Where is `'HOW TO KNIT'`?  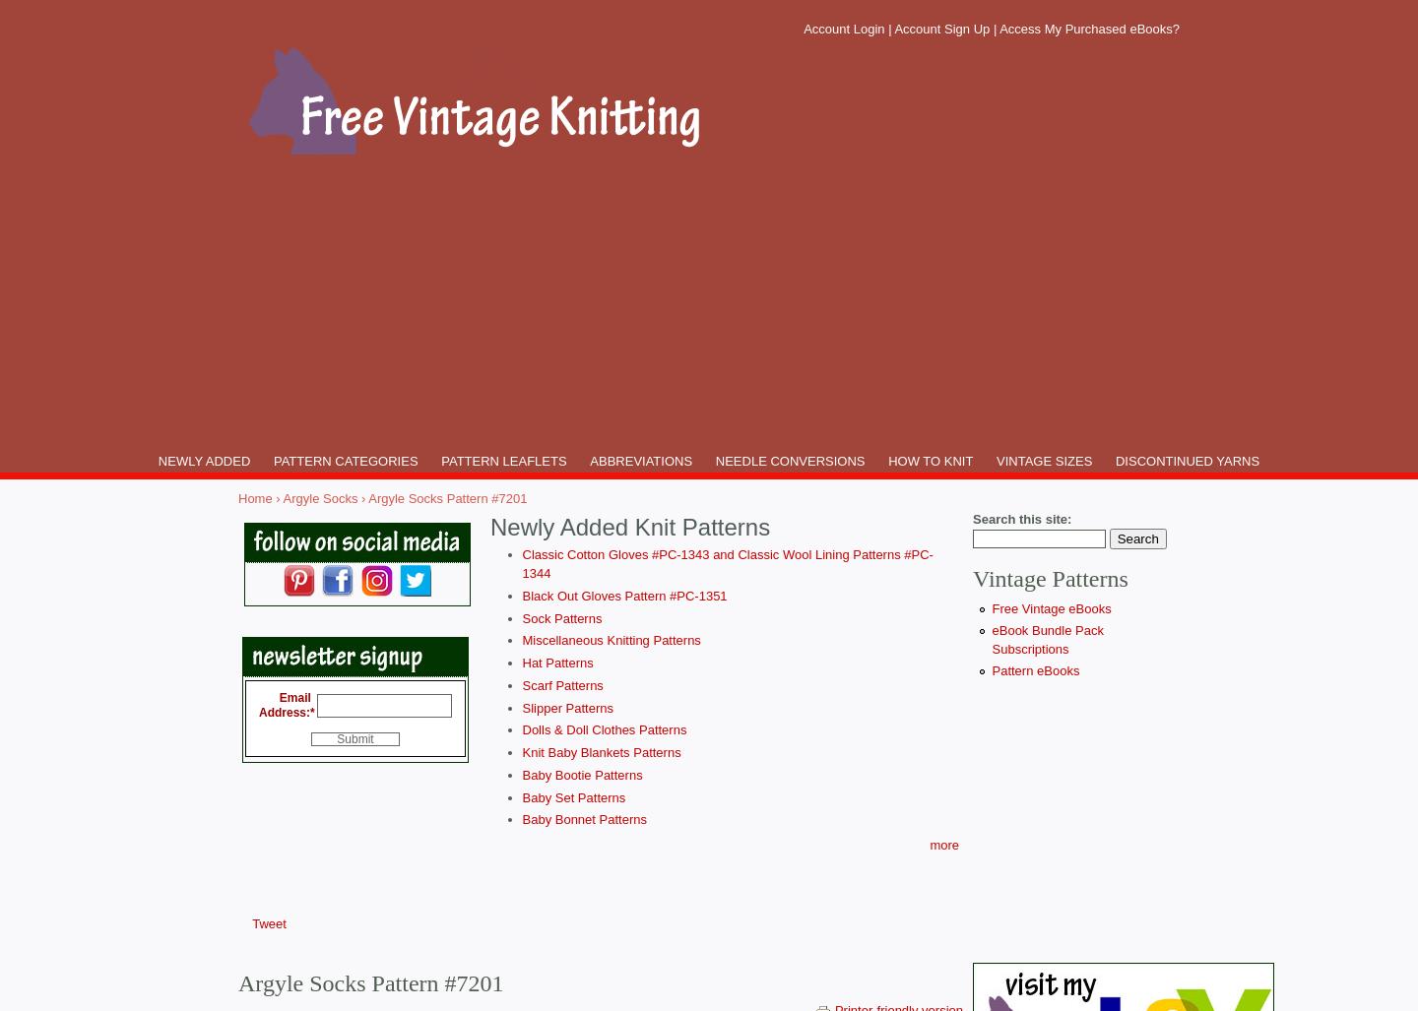
'HOW TO KNIT' is located at coordinates (930, 461).